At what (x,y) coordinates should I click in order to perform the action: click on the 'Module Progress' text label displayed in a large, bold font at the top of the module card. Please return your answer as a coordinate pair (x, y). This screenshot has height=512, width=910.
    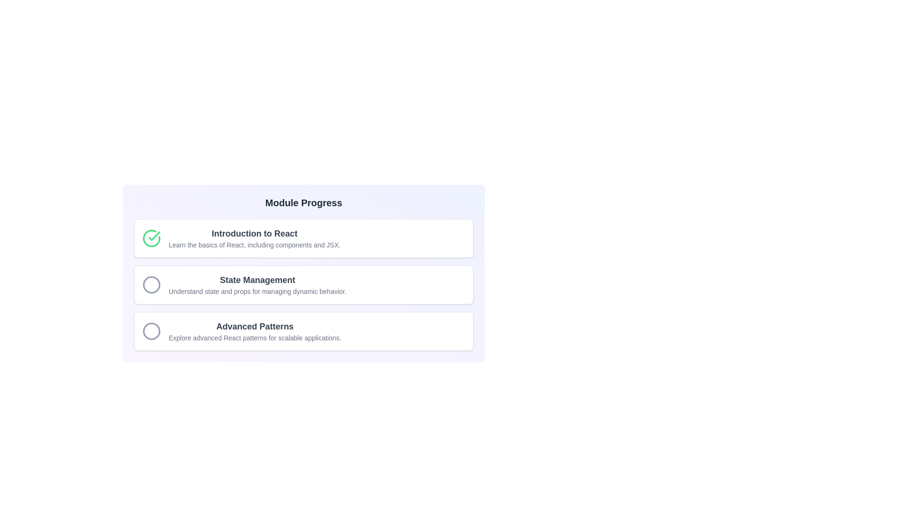
    Looking at the image, I should click on (304, 202).